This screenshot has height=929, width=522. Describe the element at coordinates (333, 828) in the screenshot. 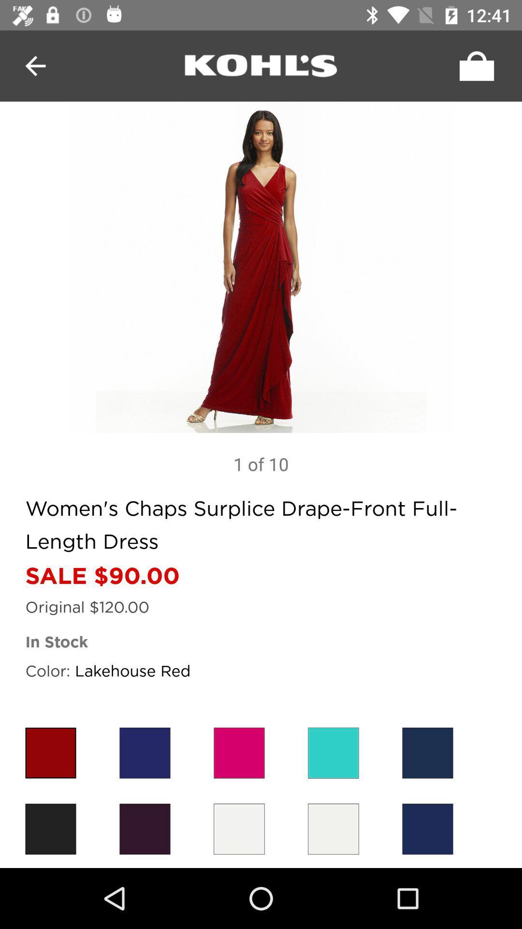

I see `different color` at that location.